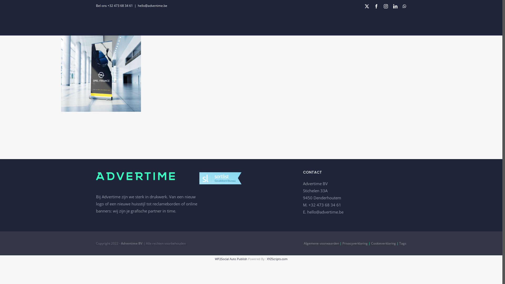  Describe the element at coordinates (304, 243) in the screenshot. I see `'Algemene voorwaarden'` at that location.